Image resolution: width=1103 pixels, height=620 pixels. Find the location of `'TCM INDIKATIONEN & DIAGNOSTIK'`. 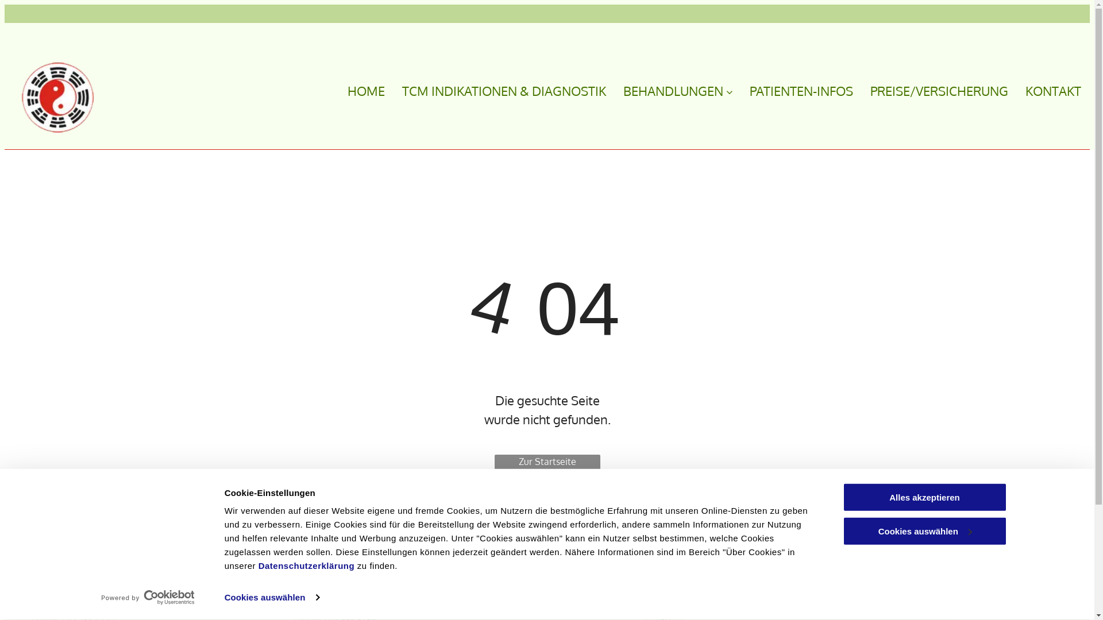

'TCM INDIKATIONEN & DIAGNOSTIK' is located at coordinates (385, 90).